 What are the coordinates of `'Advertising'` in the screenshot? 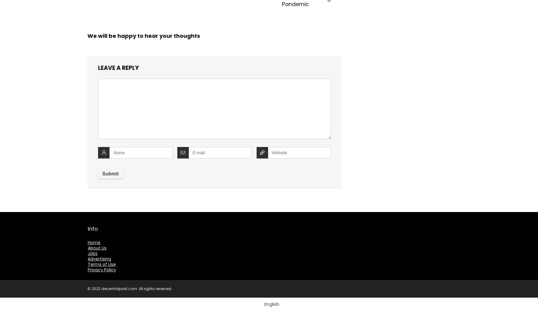 It's located at (87, 259).